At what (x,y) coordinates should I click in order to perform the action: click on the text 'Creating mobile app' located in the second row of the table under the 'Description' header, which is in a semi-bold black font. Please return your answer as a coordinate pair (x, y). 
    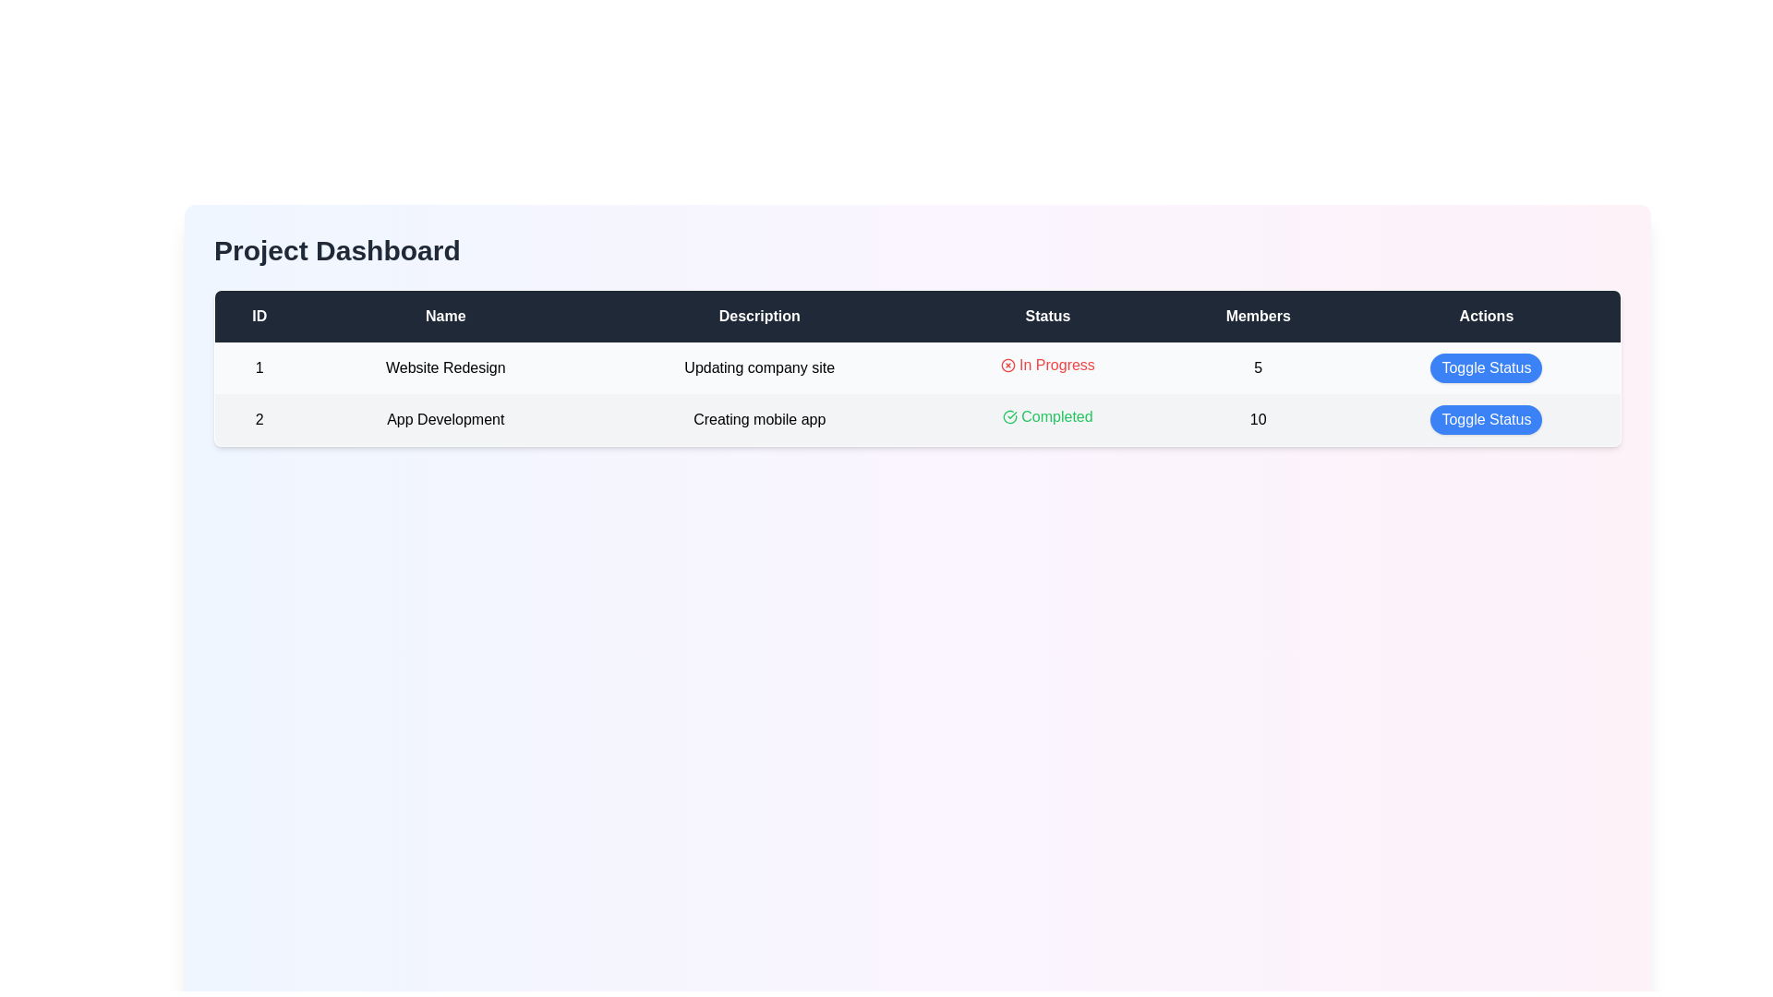
    Looking at the image, I should click on (759, 420).